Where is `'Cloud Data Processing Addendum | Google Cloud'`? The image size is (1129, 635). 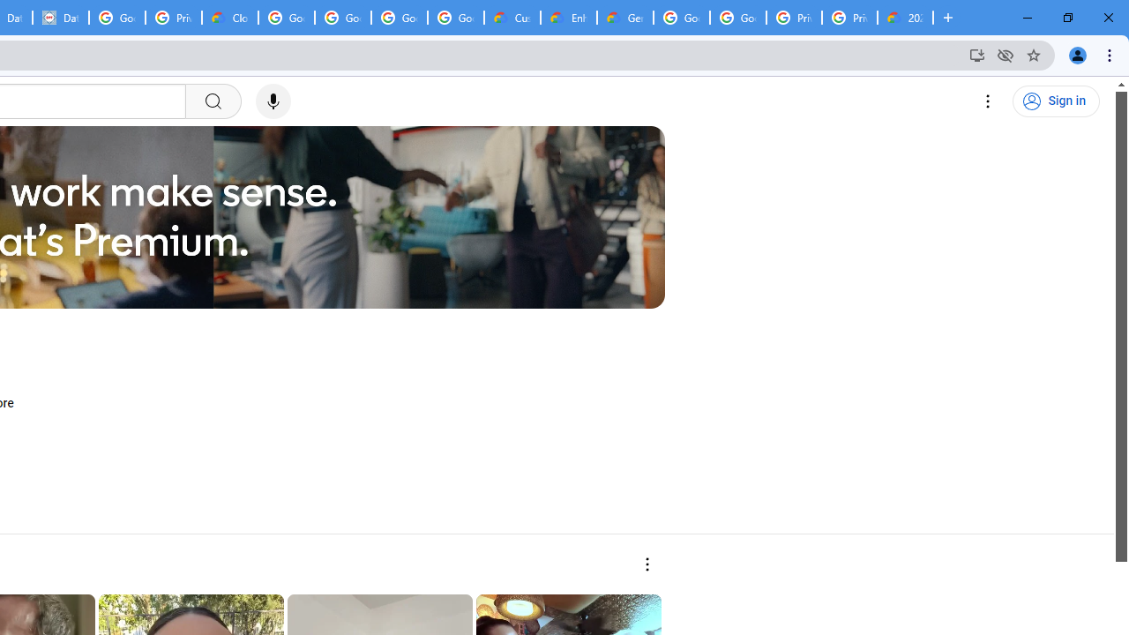
'Cloud Data Processing Addendum | Google Cloud' is located at coordinates (229, 18).